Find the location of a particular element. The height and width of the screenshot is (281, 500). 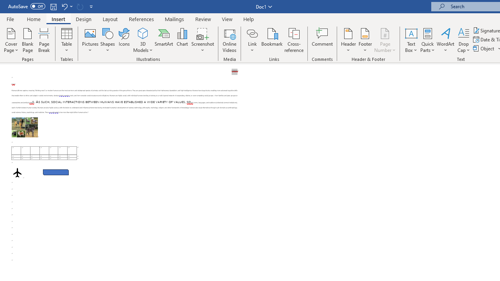

'Cross-reference...' is located at coordinates (293, 40).